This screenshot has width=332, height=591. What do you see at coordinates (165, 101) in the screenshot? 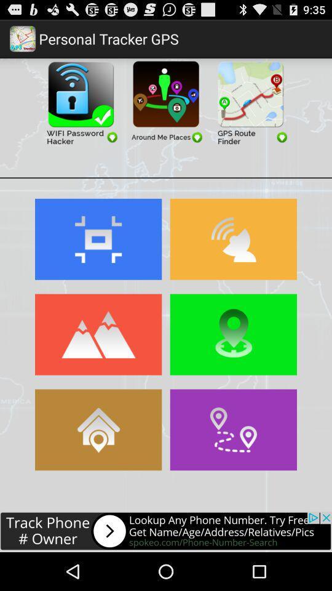
I see `places around me` at bounding box center [165, 101].